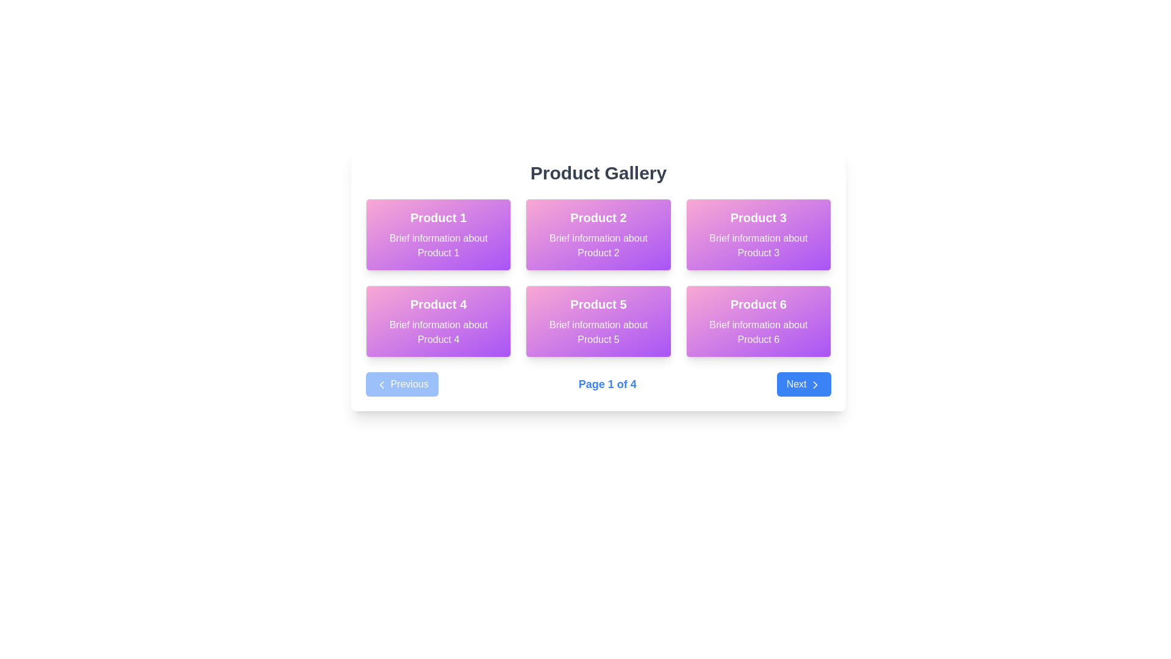 The width and height of the screenshot is (1171, 659). I want to click on text label that displays 'Brief information about Product 6' on a gradient purple background, located in the bottom-right cell of a grid layout, so click(757, 332).